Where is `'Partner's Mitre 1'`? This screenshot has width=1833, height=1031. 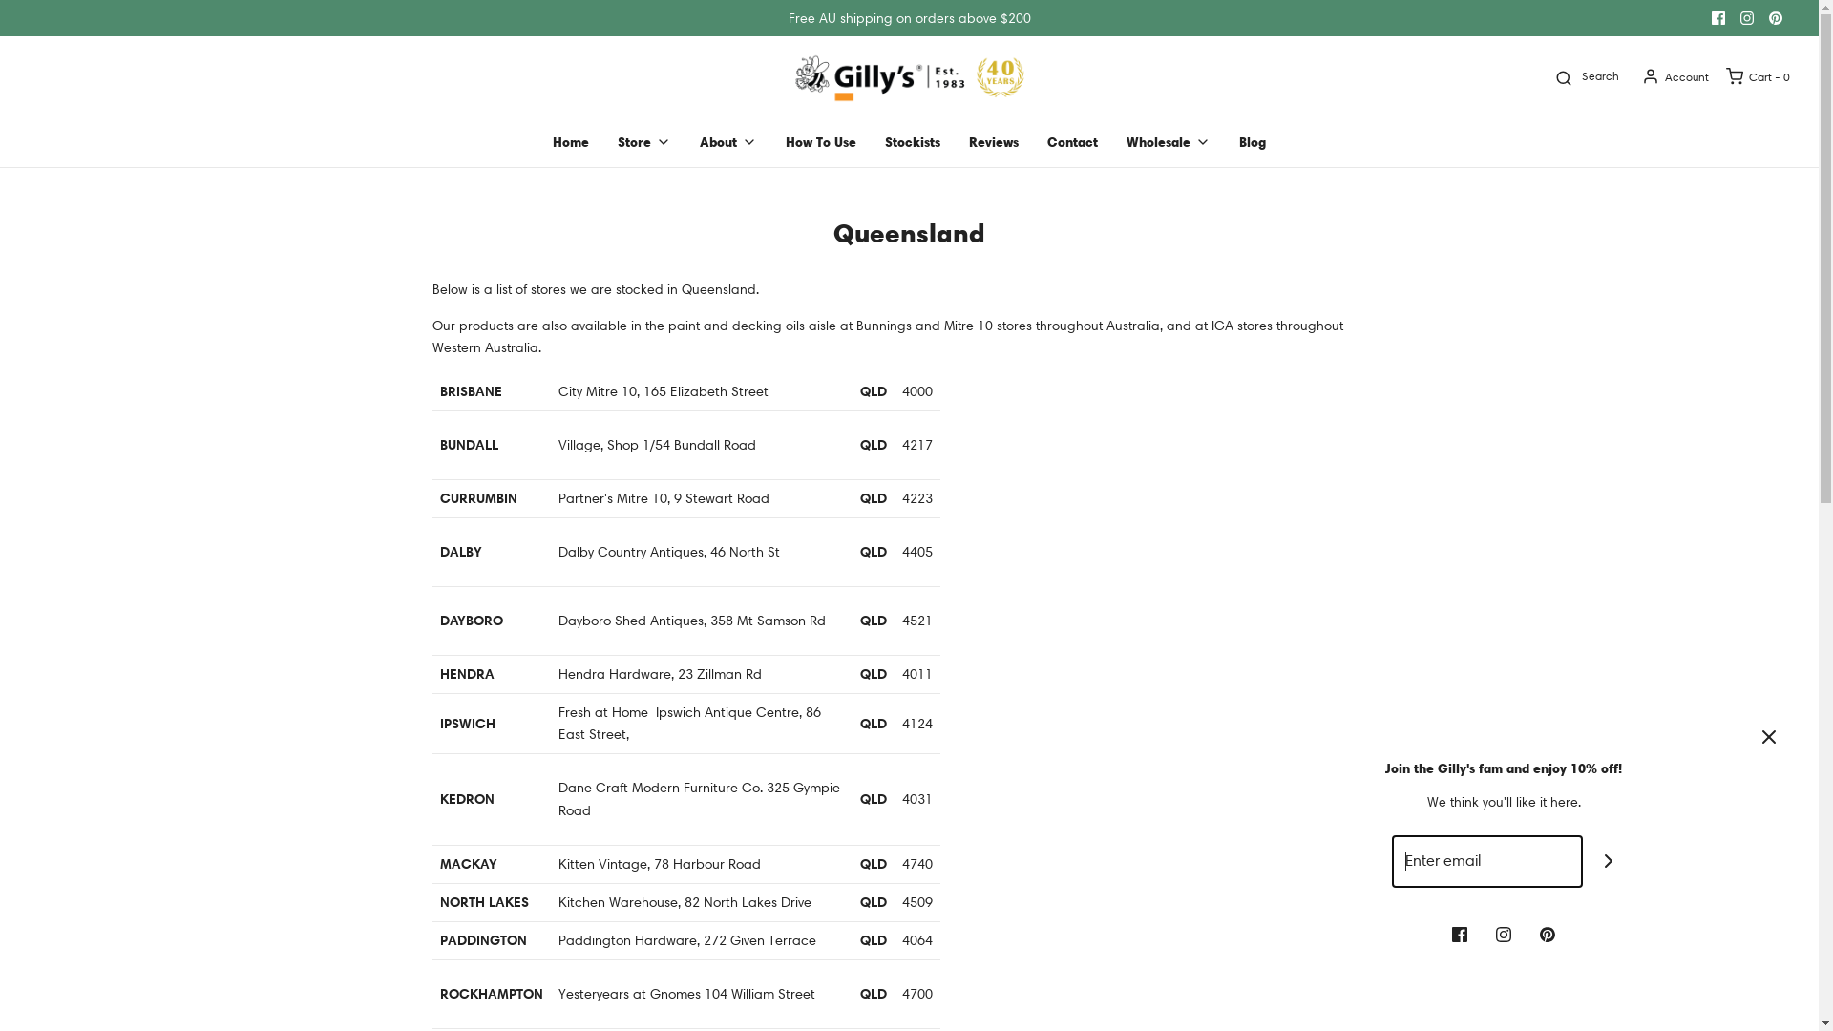 'Partner's Mitre 1' is located at coordinates (607, 496).